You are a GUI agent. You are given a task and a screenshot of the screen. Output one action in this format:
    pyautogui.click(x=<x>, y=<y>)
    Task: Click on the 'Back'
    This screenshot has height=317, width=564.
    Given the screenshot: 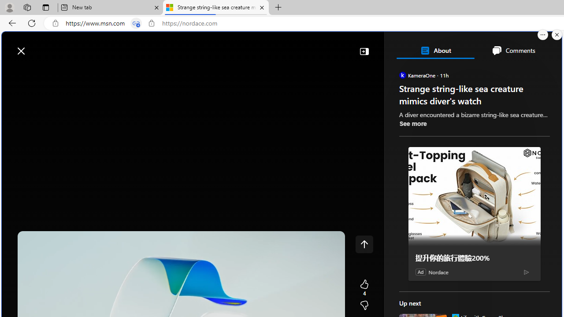 What is the action you would take?
    pyautogui.click(x=11, y=22)
    